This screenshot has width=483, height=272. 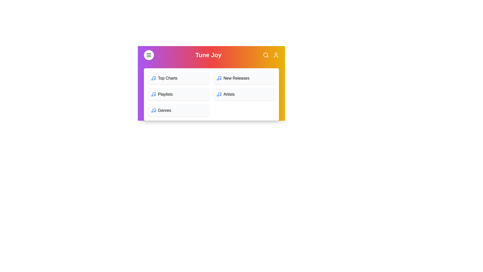 What do you see at coordinates (179, 94) in the screenshot?
I see `the menu item Playlists to navigate` at bounding box center [179, 94].